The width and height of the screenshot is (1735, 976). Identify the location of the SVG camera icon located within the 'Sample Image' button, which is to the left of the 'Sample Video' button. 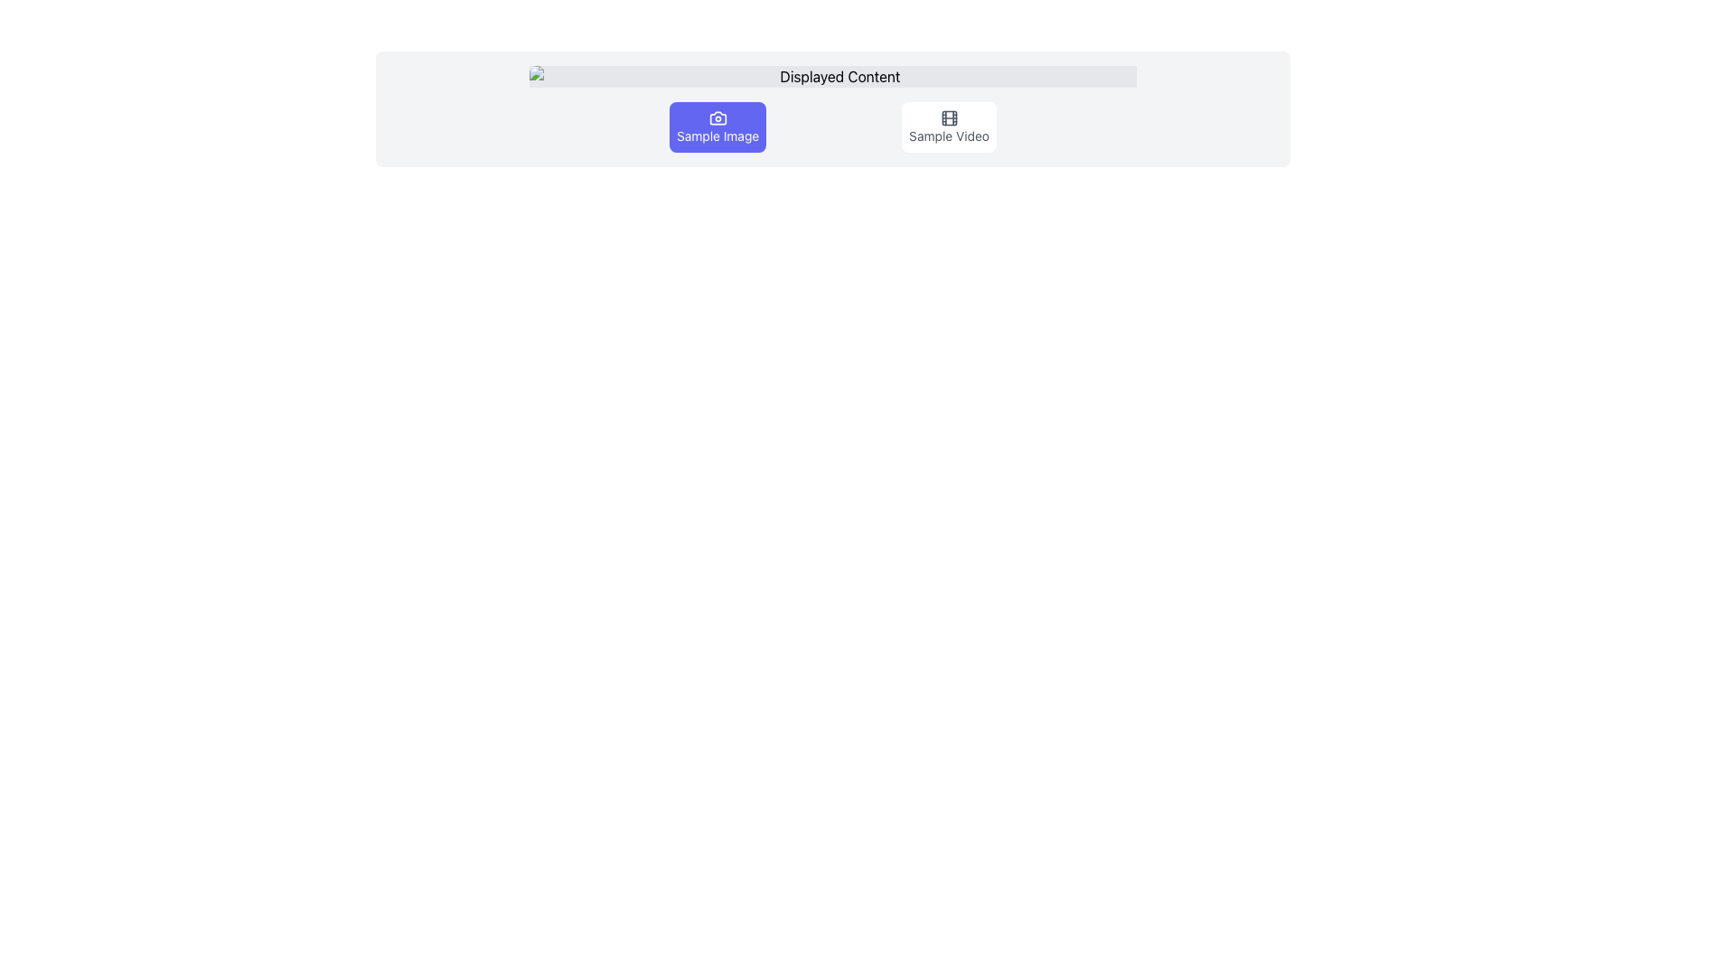
(717, 118).